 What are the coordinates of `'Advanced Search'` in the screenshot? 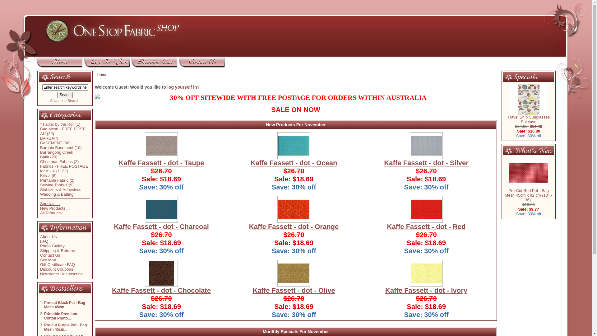 It's located at (65, 100).